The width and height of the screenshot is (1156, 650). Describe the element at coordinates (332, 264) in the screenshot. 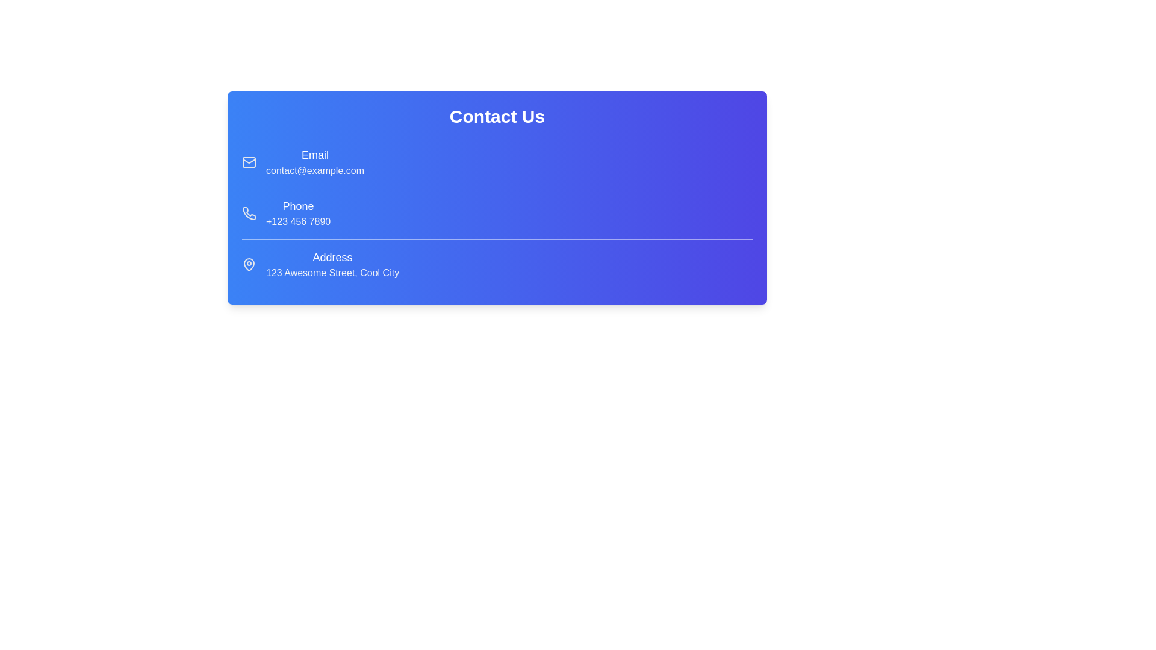

I see `the static text element displaying 'Address' and '123 Awesome Street, Cool City' in the contact information card, which is located in the lower part of the card and appears as the third entry after 'Email' and 'Phone'` at that location.